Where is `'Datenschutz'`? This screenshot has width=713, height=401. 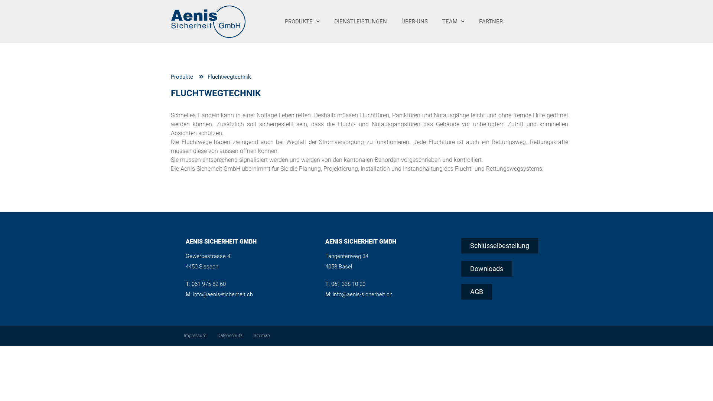 'Datenschutz' is located at coordinates (212, 335).